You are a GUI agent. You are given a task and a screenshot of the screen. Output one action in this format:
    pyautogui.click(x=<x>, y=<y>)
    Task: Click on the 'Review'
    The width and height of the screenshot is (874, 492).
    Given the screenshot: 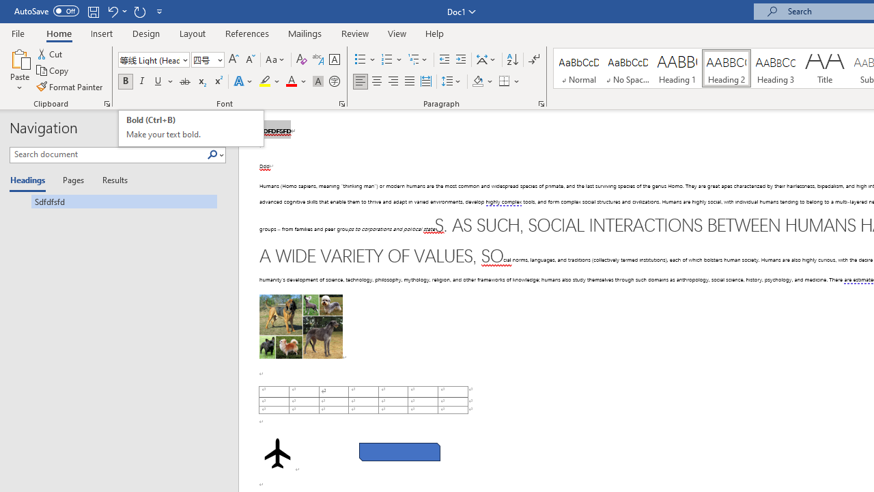 What is the action you would take?
    pyautogui.click(x=355, y=33)
    